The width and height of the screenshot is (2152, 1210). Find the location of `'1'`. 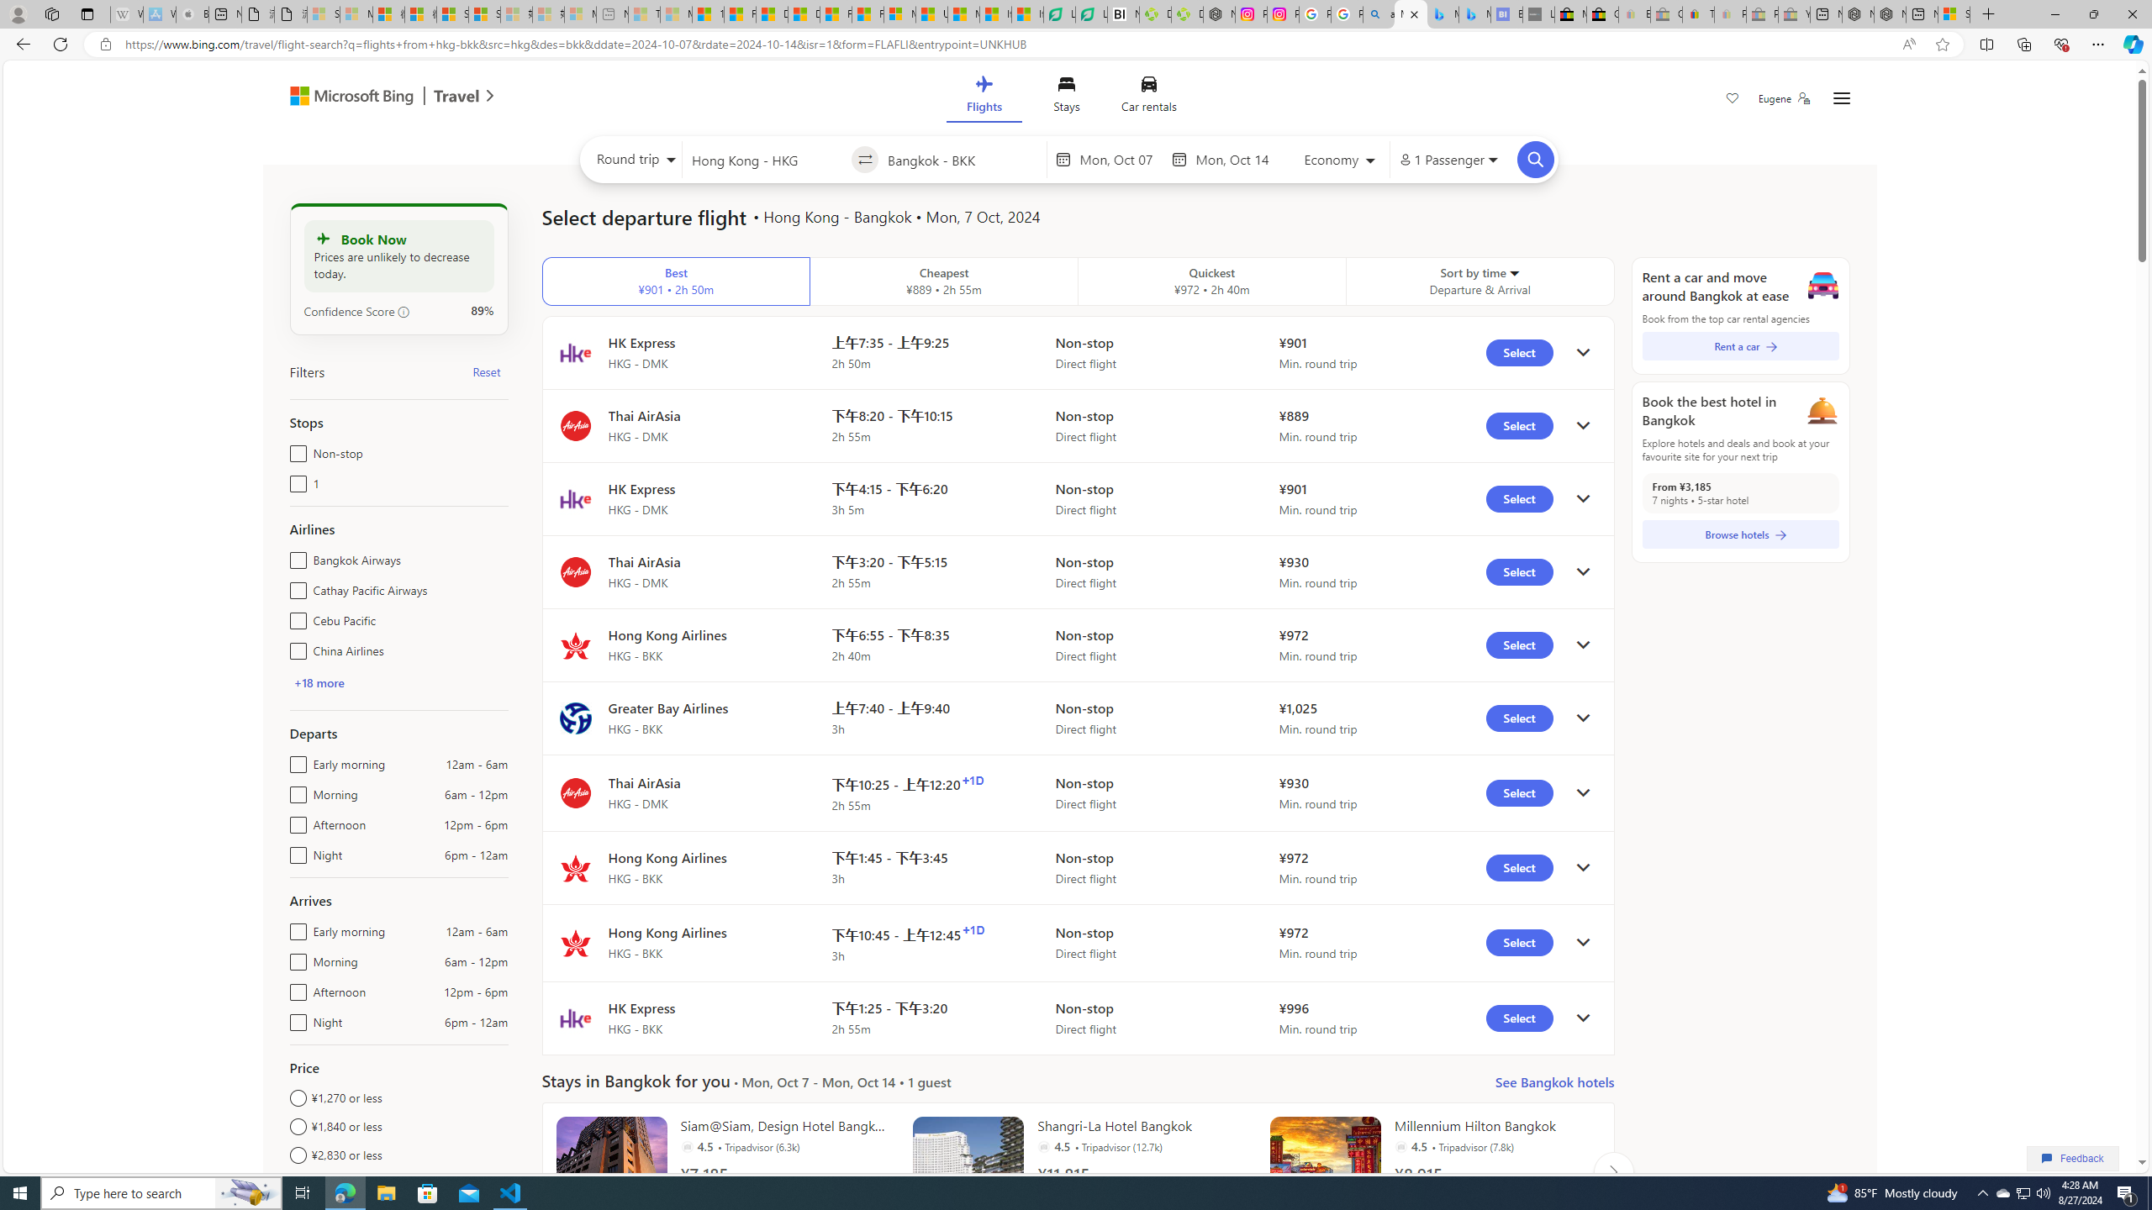

'1' is located at coordinates (294, 479).